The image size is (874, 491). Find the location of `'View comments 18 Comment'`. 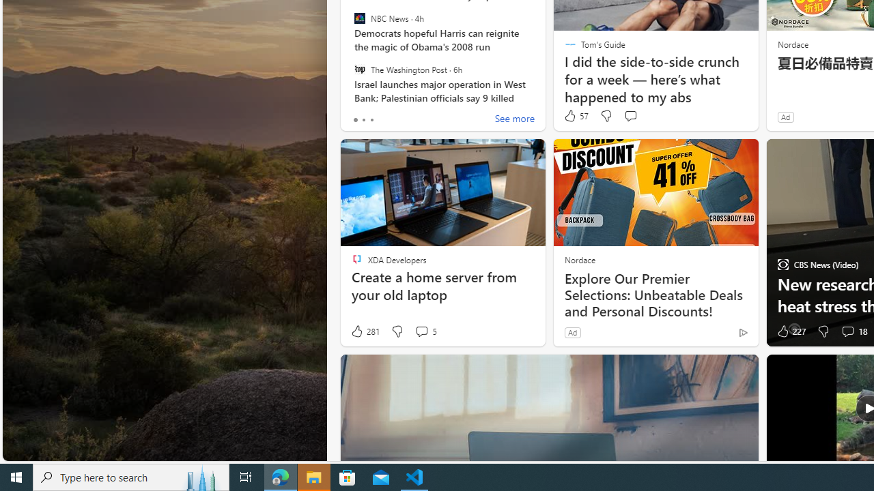

'View comments 18 Comment' is located at coordinates (847, 331).